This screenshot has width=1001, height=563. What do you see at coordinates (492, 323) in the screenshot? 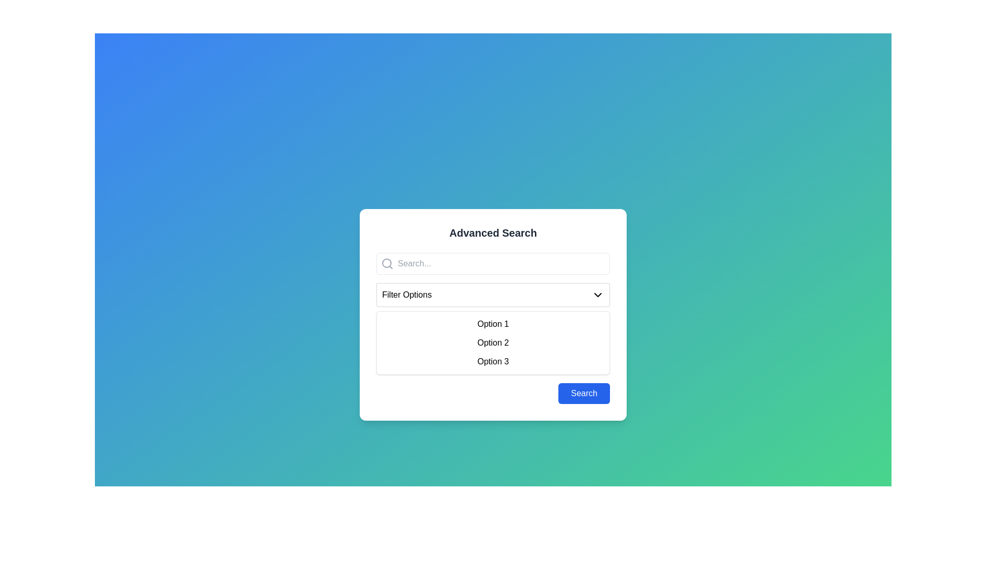
I see `the first selectable option labeled 'Option 1' in the dropdown menu under 'Filter Options'` at bounding box center [492, 323].